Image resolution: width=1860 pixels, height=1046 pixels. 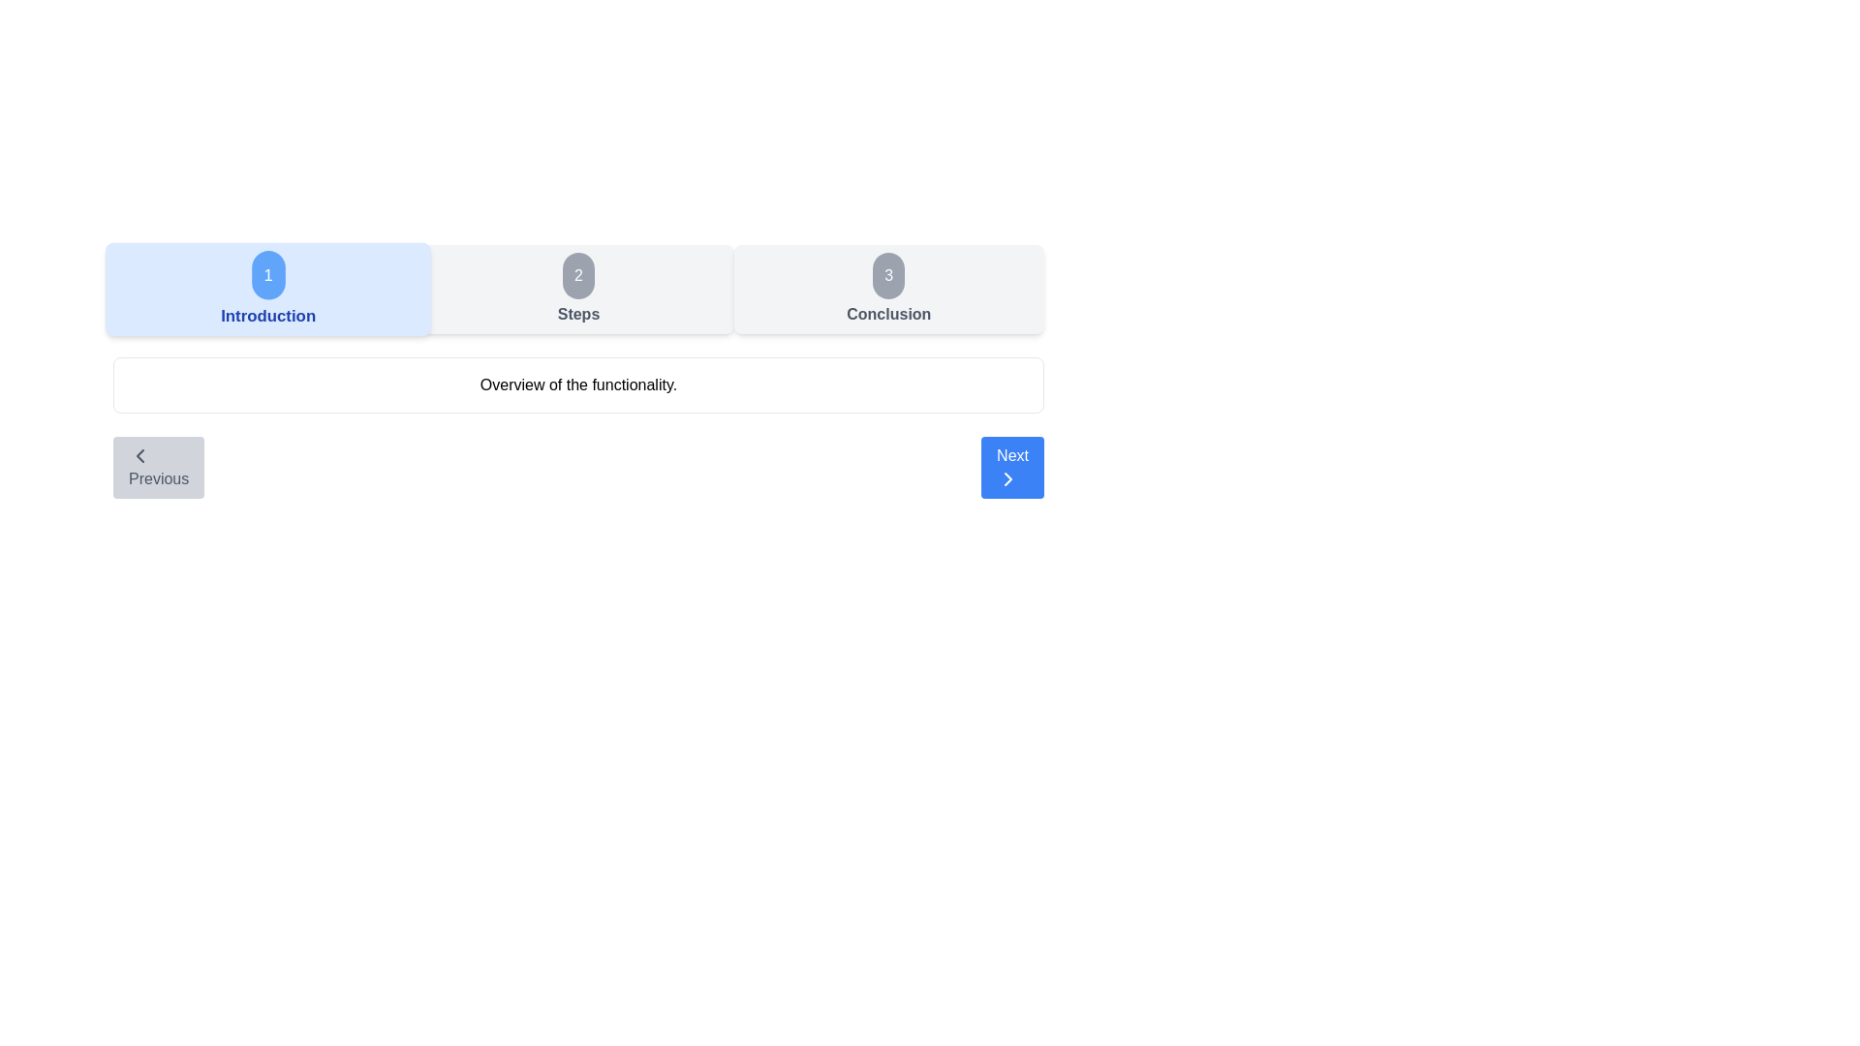 What do you see at coordinates (159, 467) in the screenshot?
I see `the Previous button to navigate` at bounding box center [159, 467].